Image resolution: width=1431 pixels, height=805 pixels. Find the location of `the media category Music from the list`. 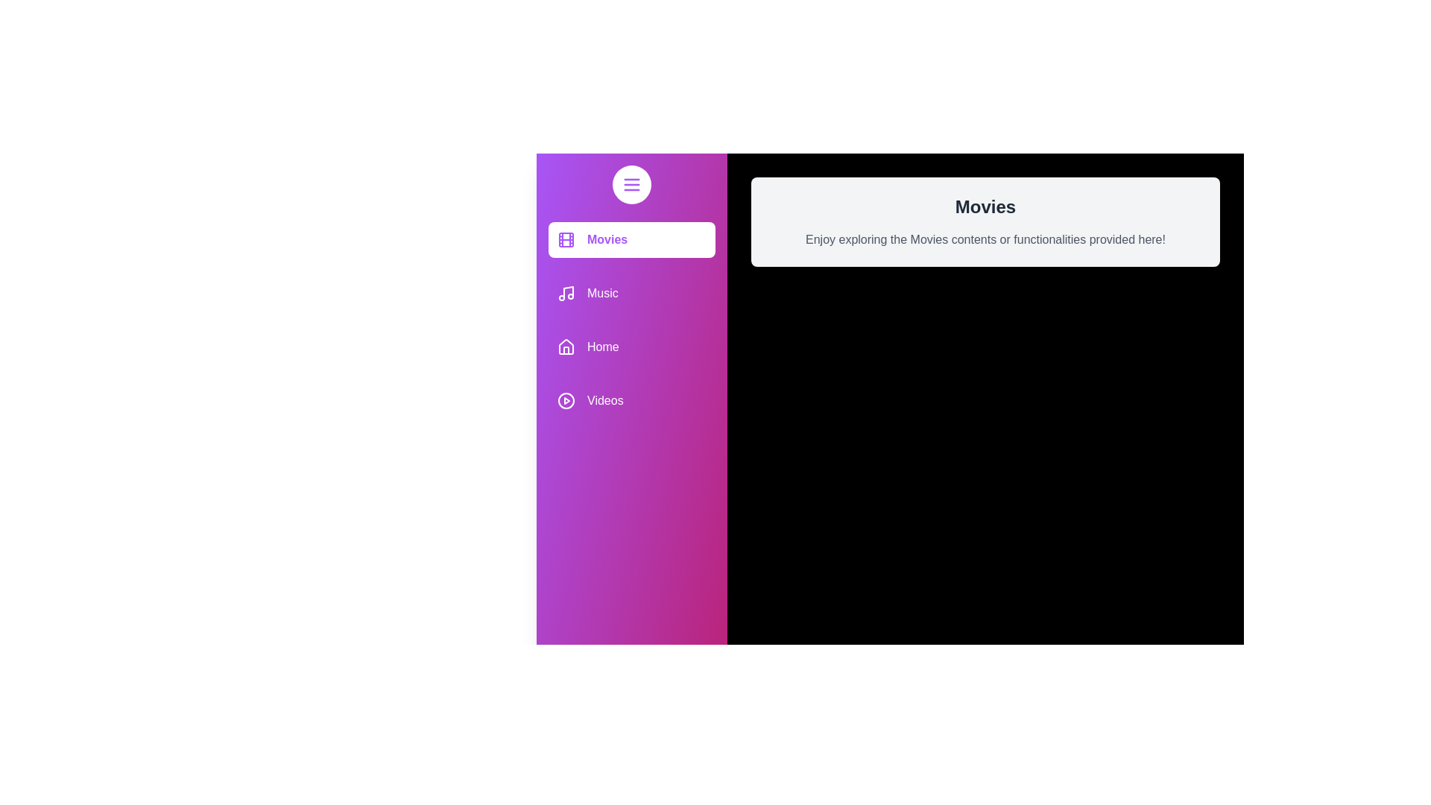

the media category Music from the list is located at coordinates (632, 293).